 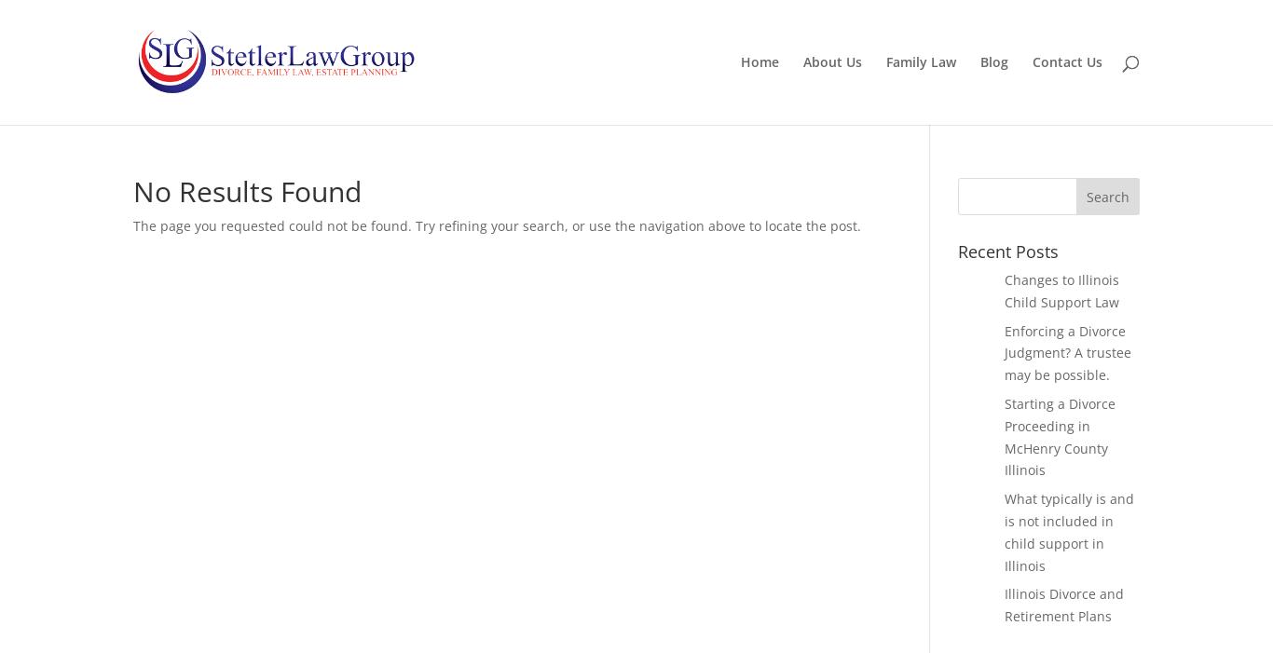 I want to click on 'Enforcing a Divorce Judgment?  A trustee may be possible.', so click(x=1066, y=352).